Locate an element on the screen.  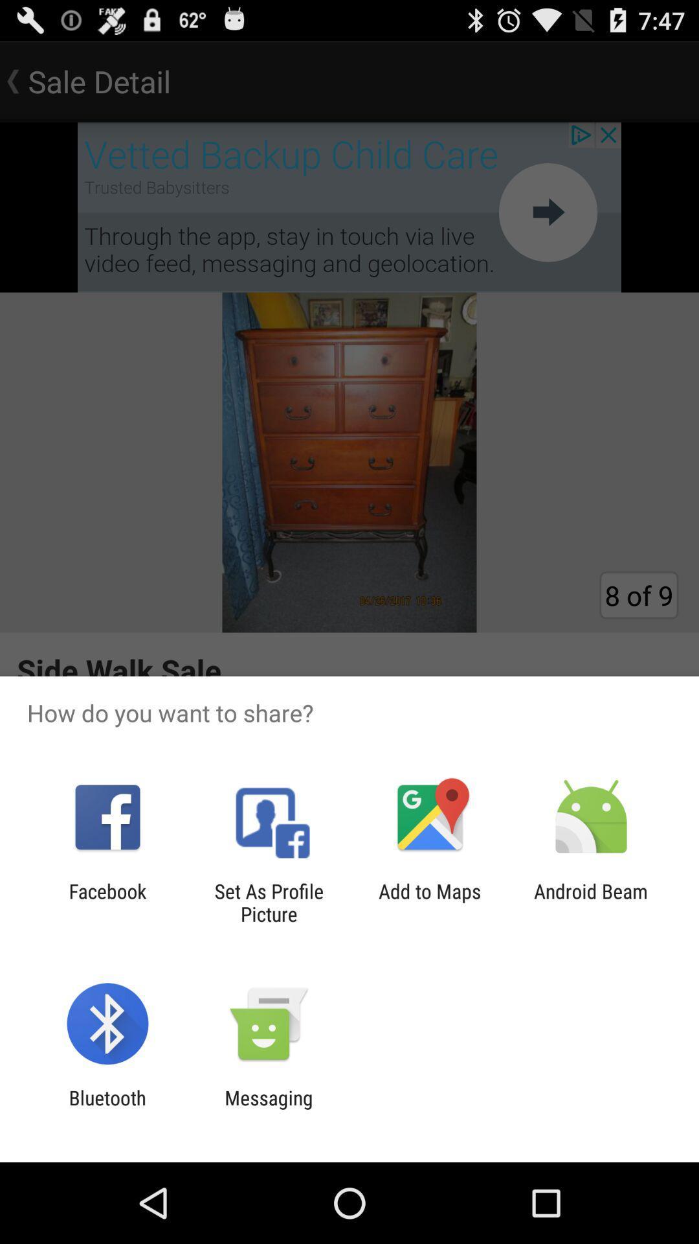
icon next to the set as profile is located at coordinates (430, 902).